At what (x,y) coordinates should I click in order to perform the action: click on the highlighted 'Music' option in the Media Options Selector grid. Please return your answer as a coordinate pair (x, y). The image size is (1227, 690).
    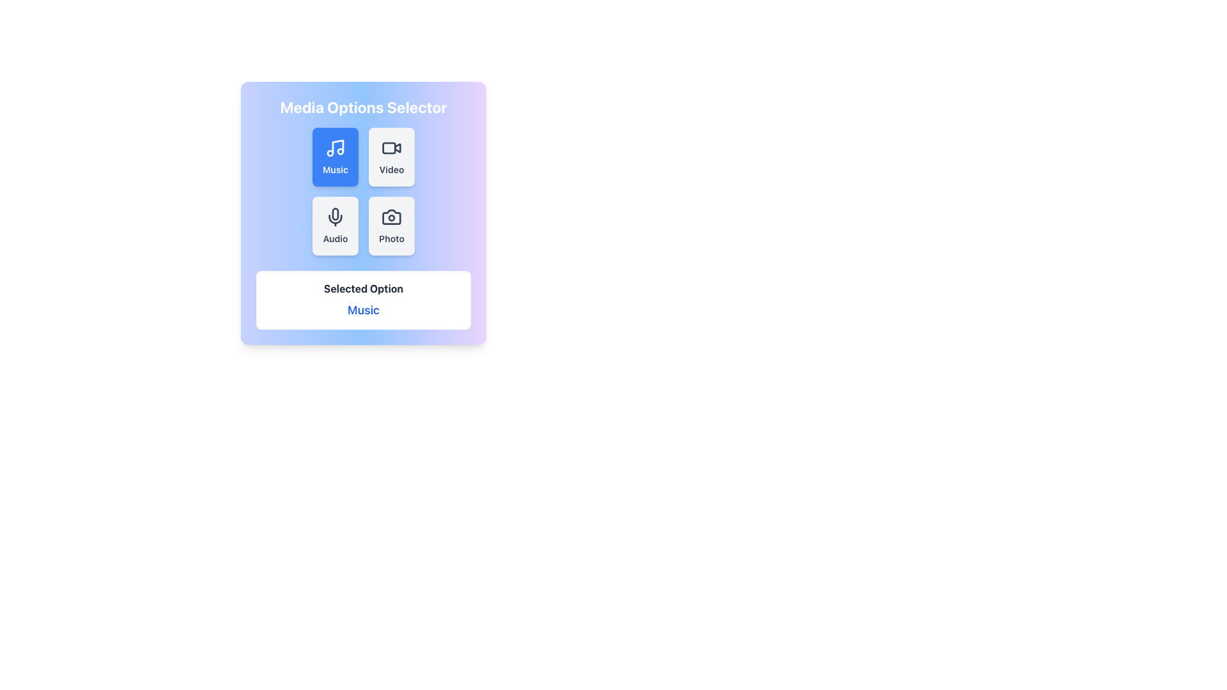
    Looking at the image, I should click on (363, 192).